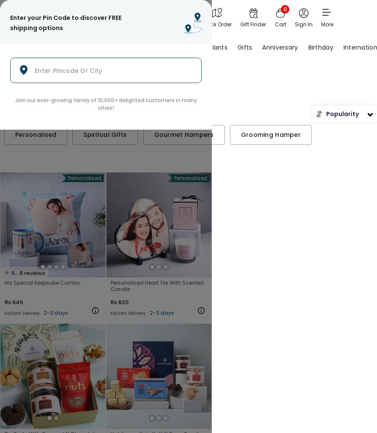 The image size is (377, 433). I want to click on '8', so click(21, 272).